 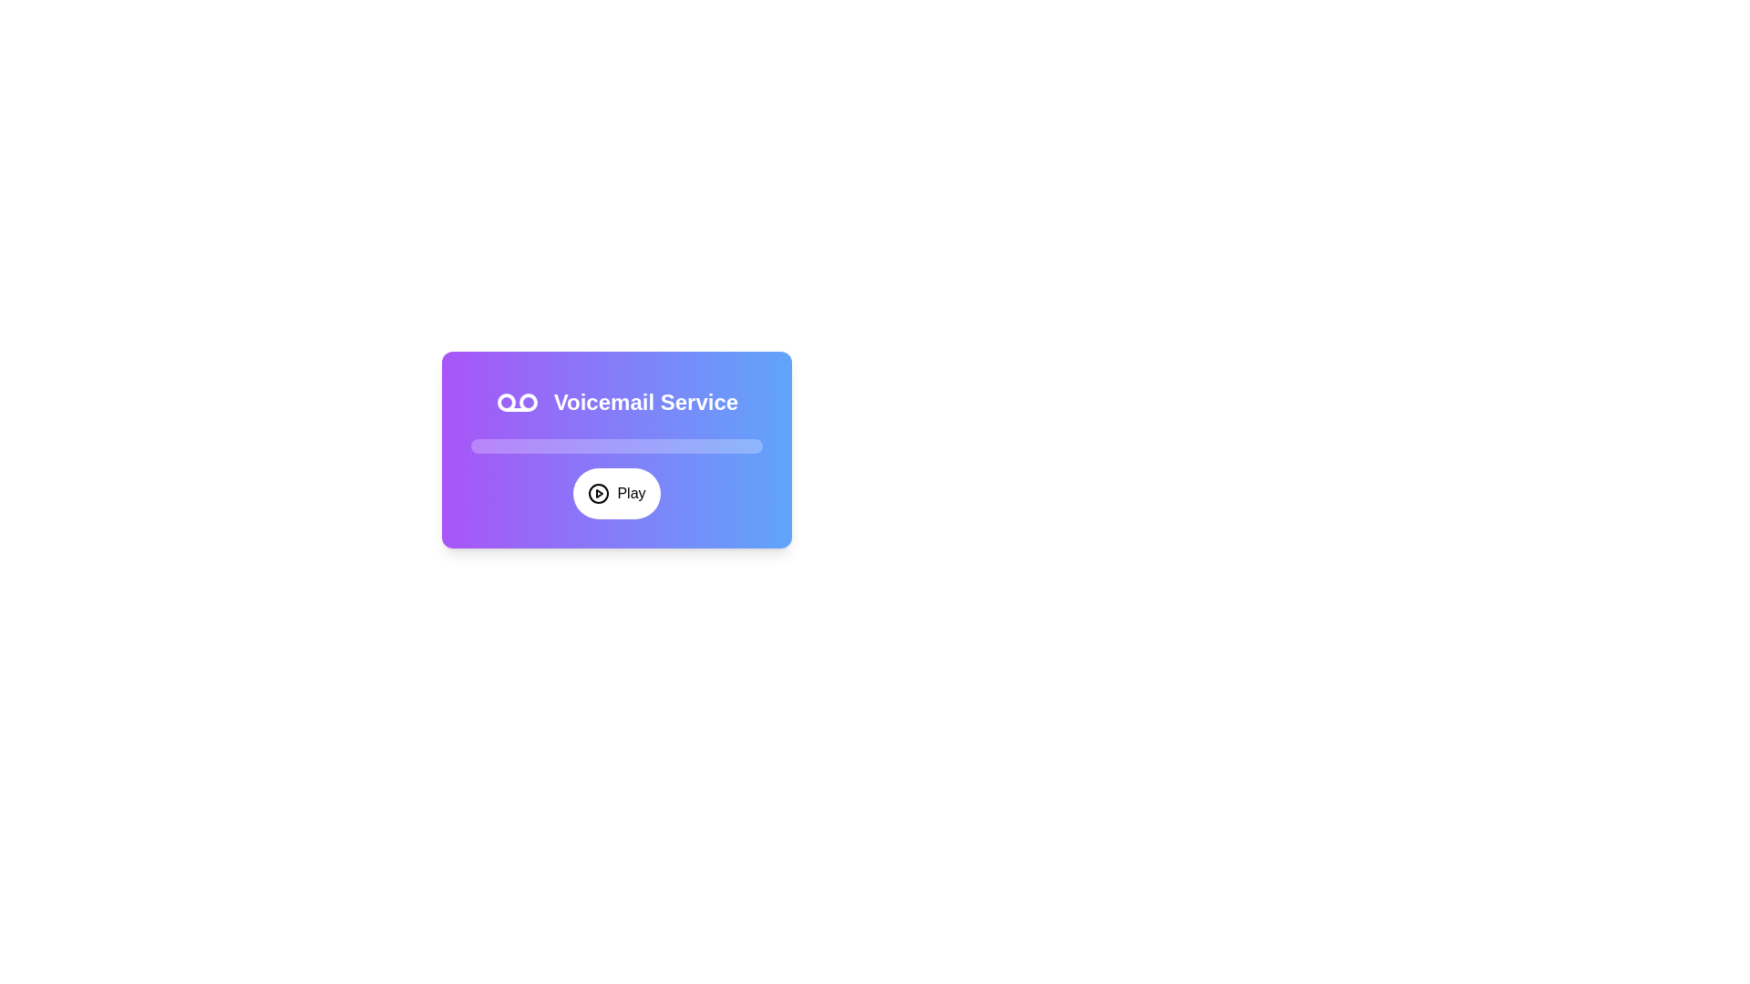 I want to click on the leftmost circle of the Voicemail icon located at the top-left side of the card, which is purely graphical and does not have interactive functionality, so click(x=506, y=402).